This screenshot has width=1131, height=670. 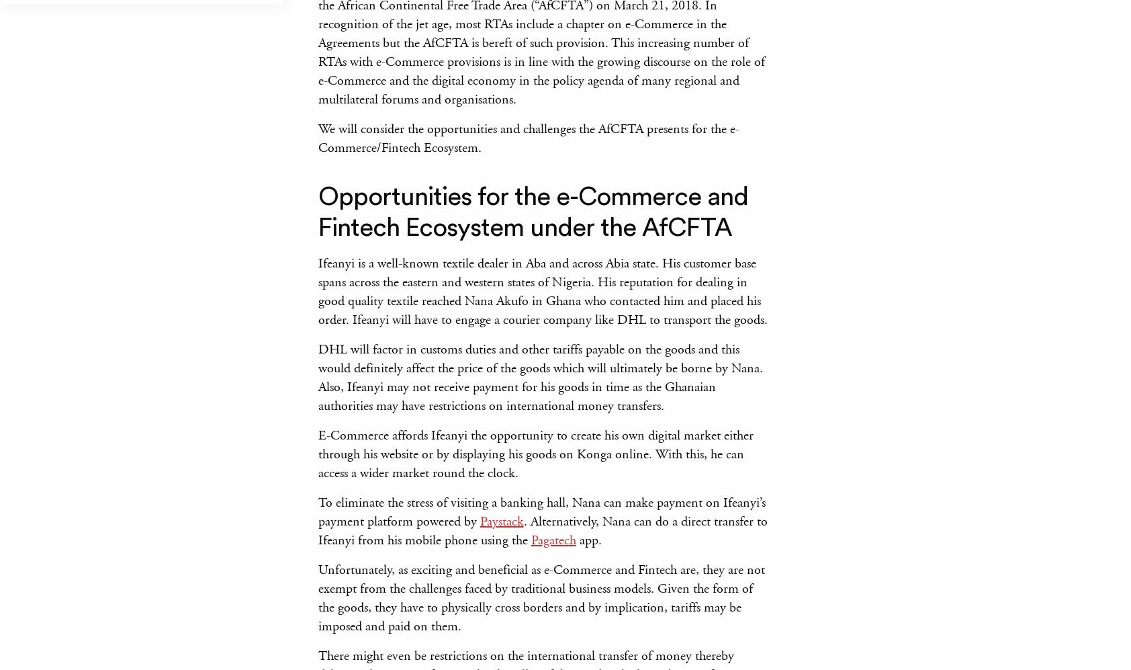 What do you see at coordinates (501, 520) in the screenshot?
I see `'Paystack'` at bounding box center [501, 520].